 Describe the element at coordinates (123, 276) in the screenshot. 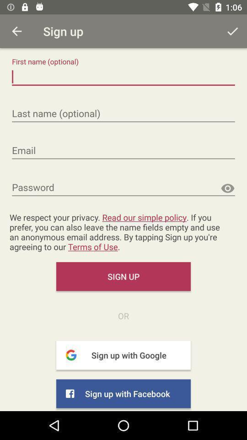

I see `sign up` at that location.